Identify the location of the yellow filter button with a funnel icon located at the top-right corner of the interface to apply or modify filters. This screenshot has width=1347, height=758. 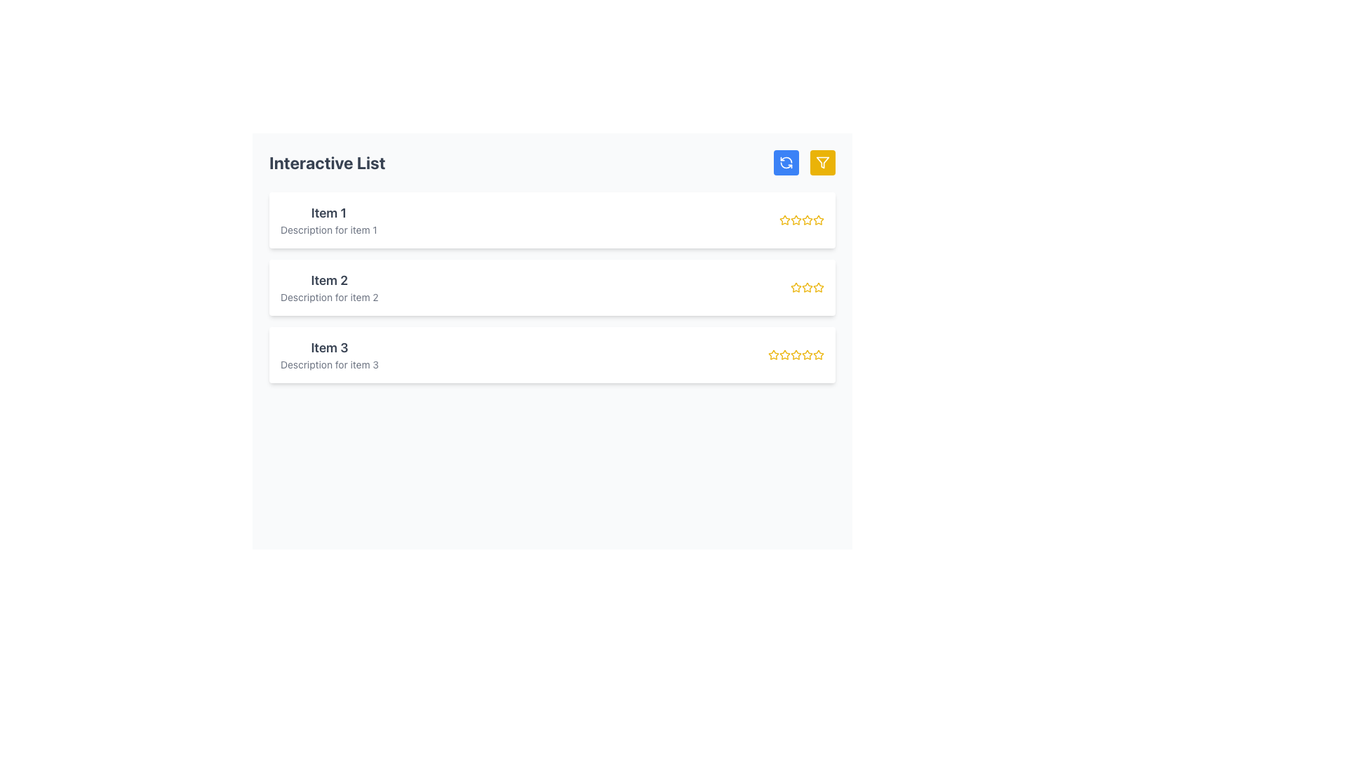
(822, 161).